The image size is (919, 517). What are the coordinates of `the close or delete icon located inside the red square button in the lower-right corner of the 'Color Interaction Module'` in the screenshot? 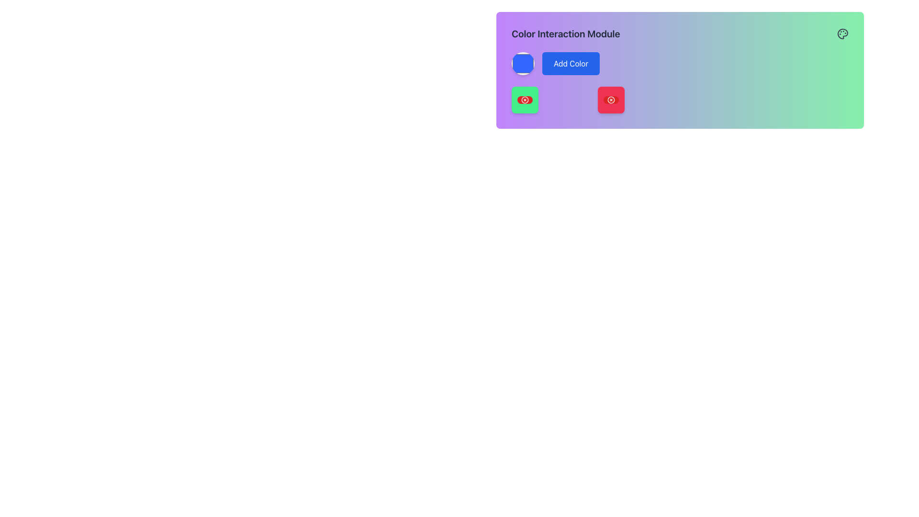 It's located at (610, 100).